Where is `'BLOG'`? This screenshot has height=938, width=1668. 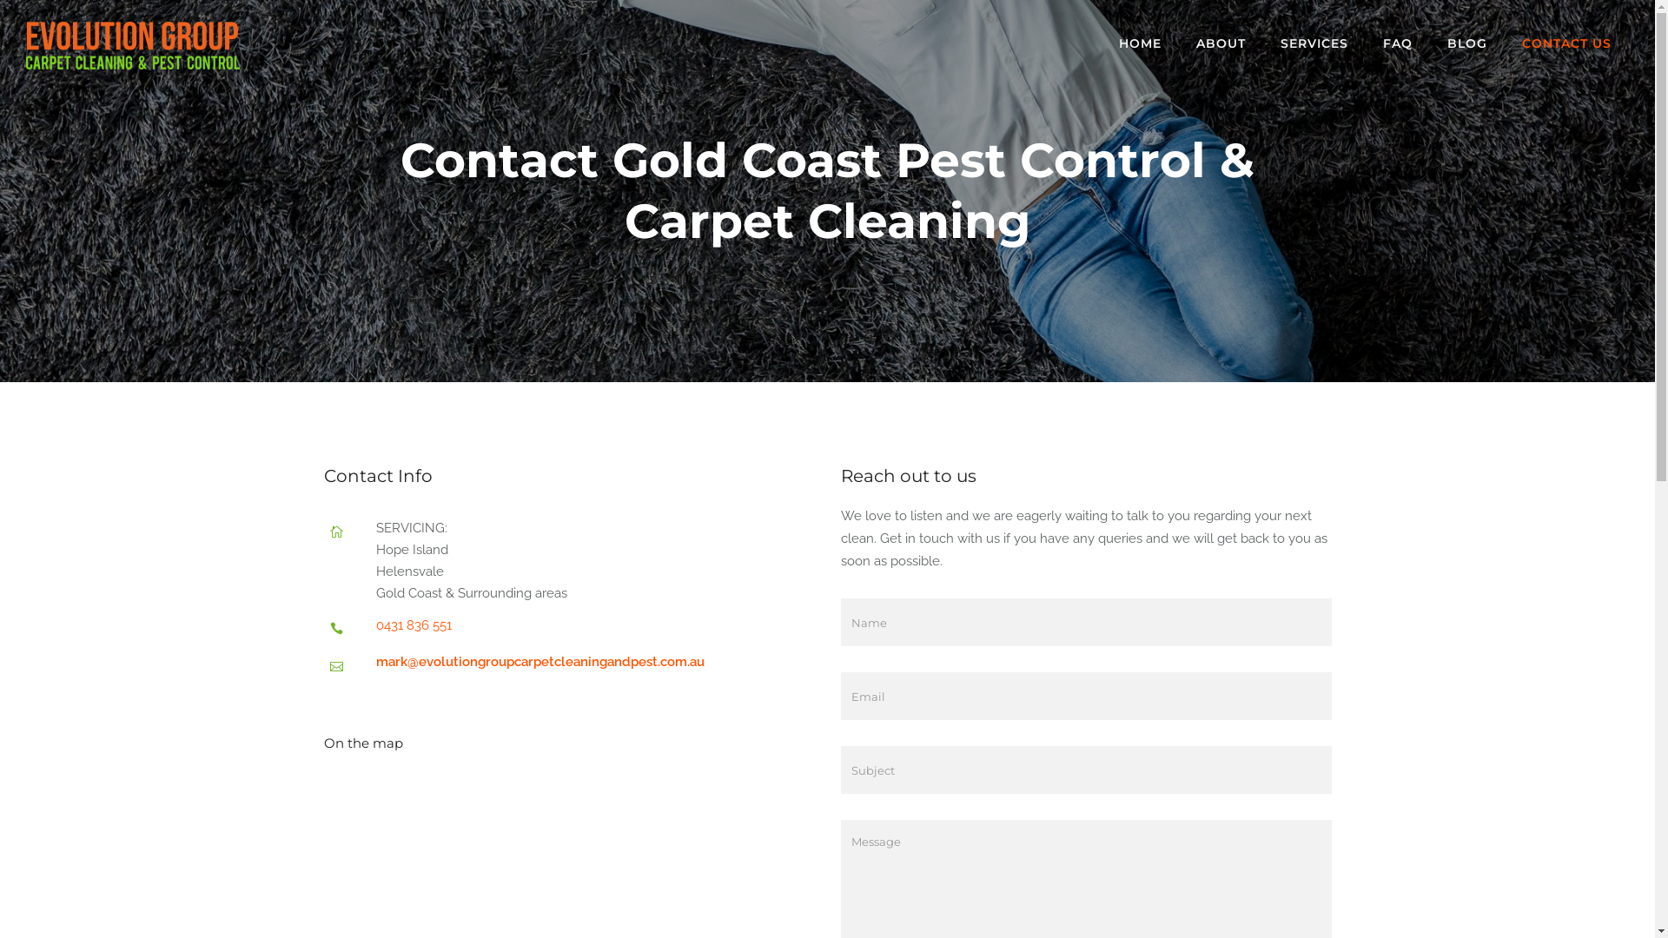
'BLOG' is located at coordinates (1466, 43).